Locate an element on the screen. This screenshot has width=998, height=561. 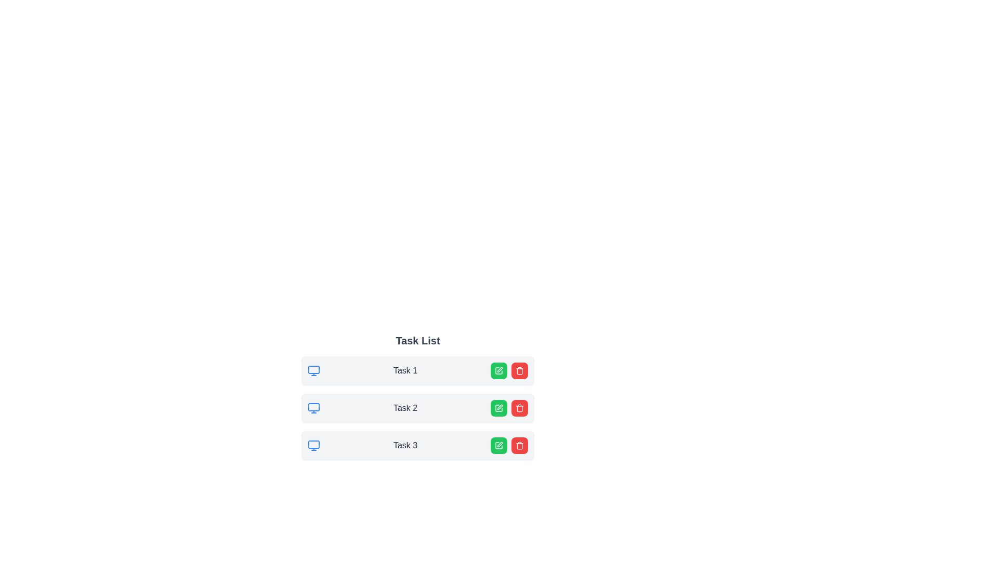
the delete button in the grouped interactive buttons for 'Task 3' is located at coordinates (509, 445).